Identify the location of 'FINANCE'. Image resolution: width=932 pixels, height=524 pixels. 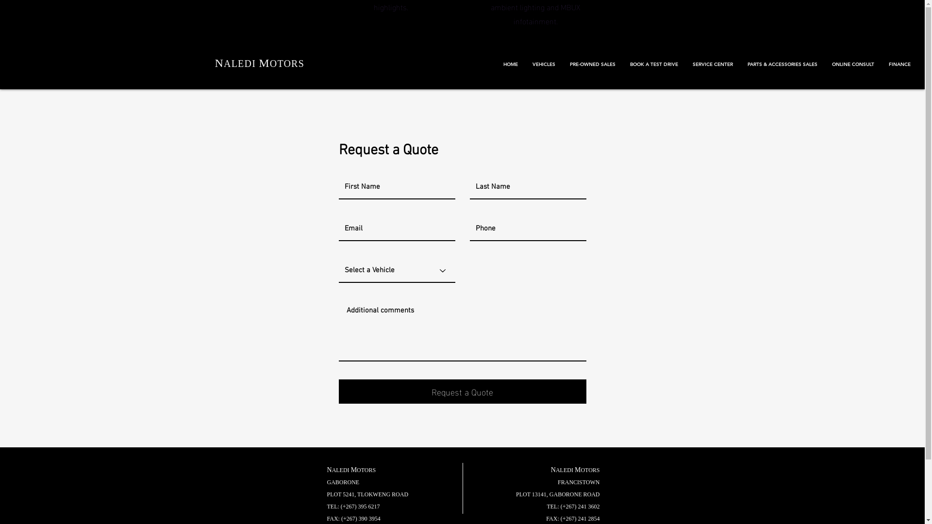
(899, 64).